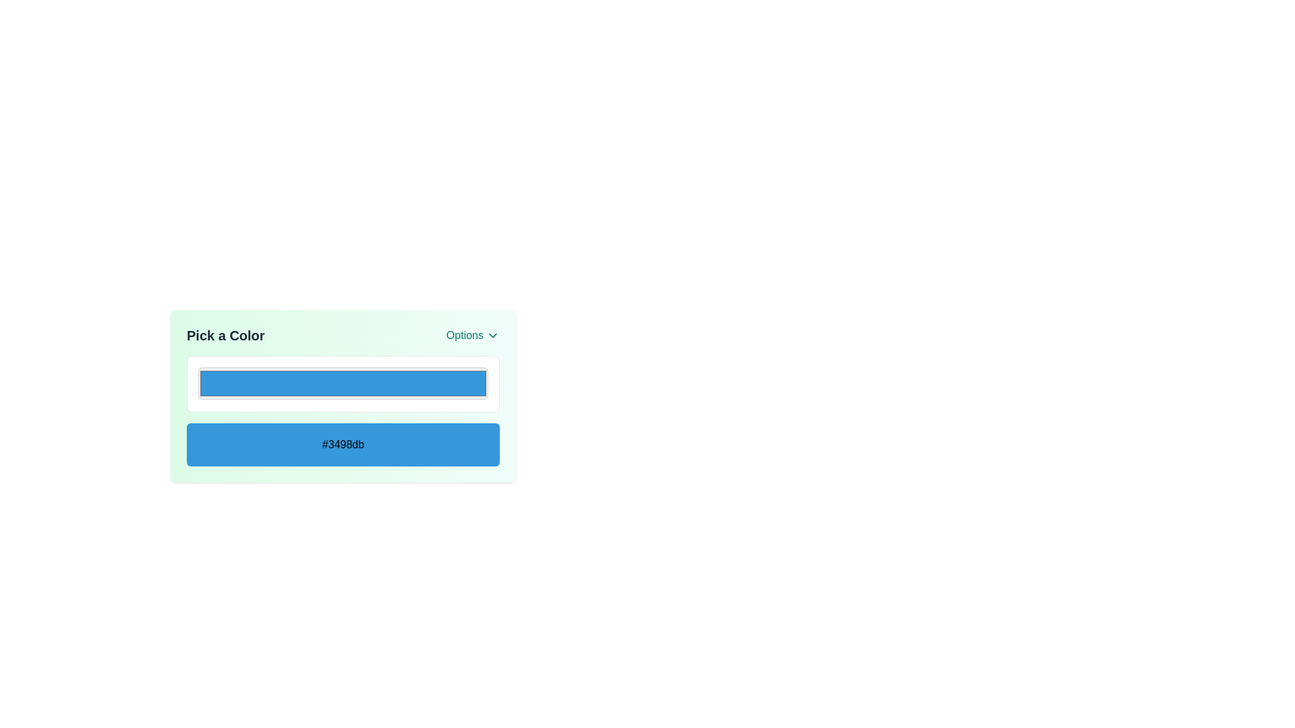  I want to click on the color input field located centrally within the 'Pick a Color' card-like area to change the color value, so click(343, 395).